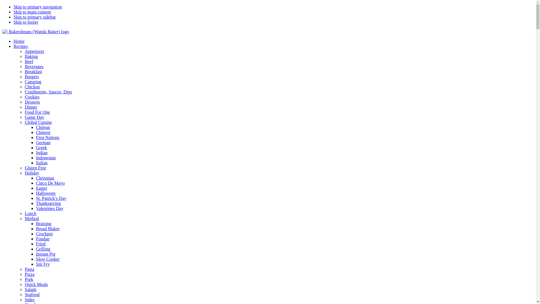  Describe the element at coordinates (31, 218) in the screenshot. I see `'Method'` at that location.